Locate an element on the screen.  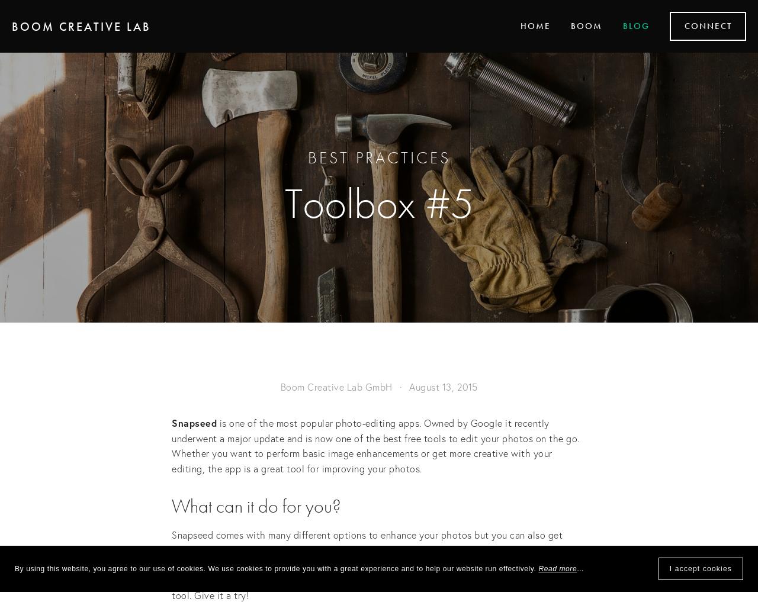
'Boom Creative Lab GmbH' is located at coordinates (335, 386).